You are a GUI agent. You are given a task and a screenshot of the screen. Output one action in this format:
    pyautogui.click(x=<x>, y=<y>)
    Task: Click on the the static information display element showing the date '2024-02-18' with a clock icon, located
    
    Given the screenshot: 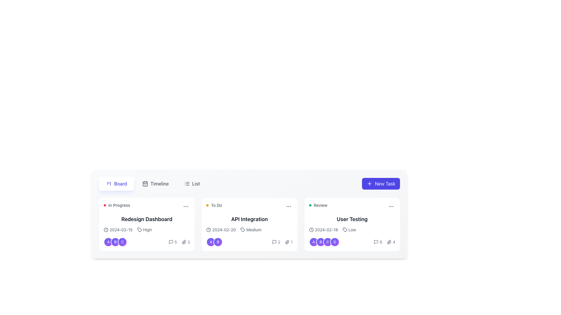 What is the action you would take?
    pyautogui.click(x=323, y=229)
    